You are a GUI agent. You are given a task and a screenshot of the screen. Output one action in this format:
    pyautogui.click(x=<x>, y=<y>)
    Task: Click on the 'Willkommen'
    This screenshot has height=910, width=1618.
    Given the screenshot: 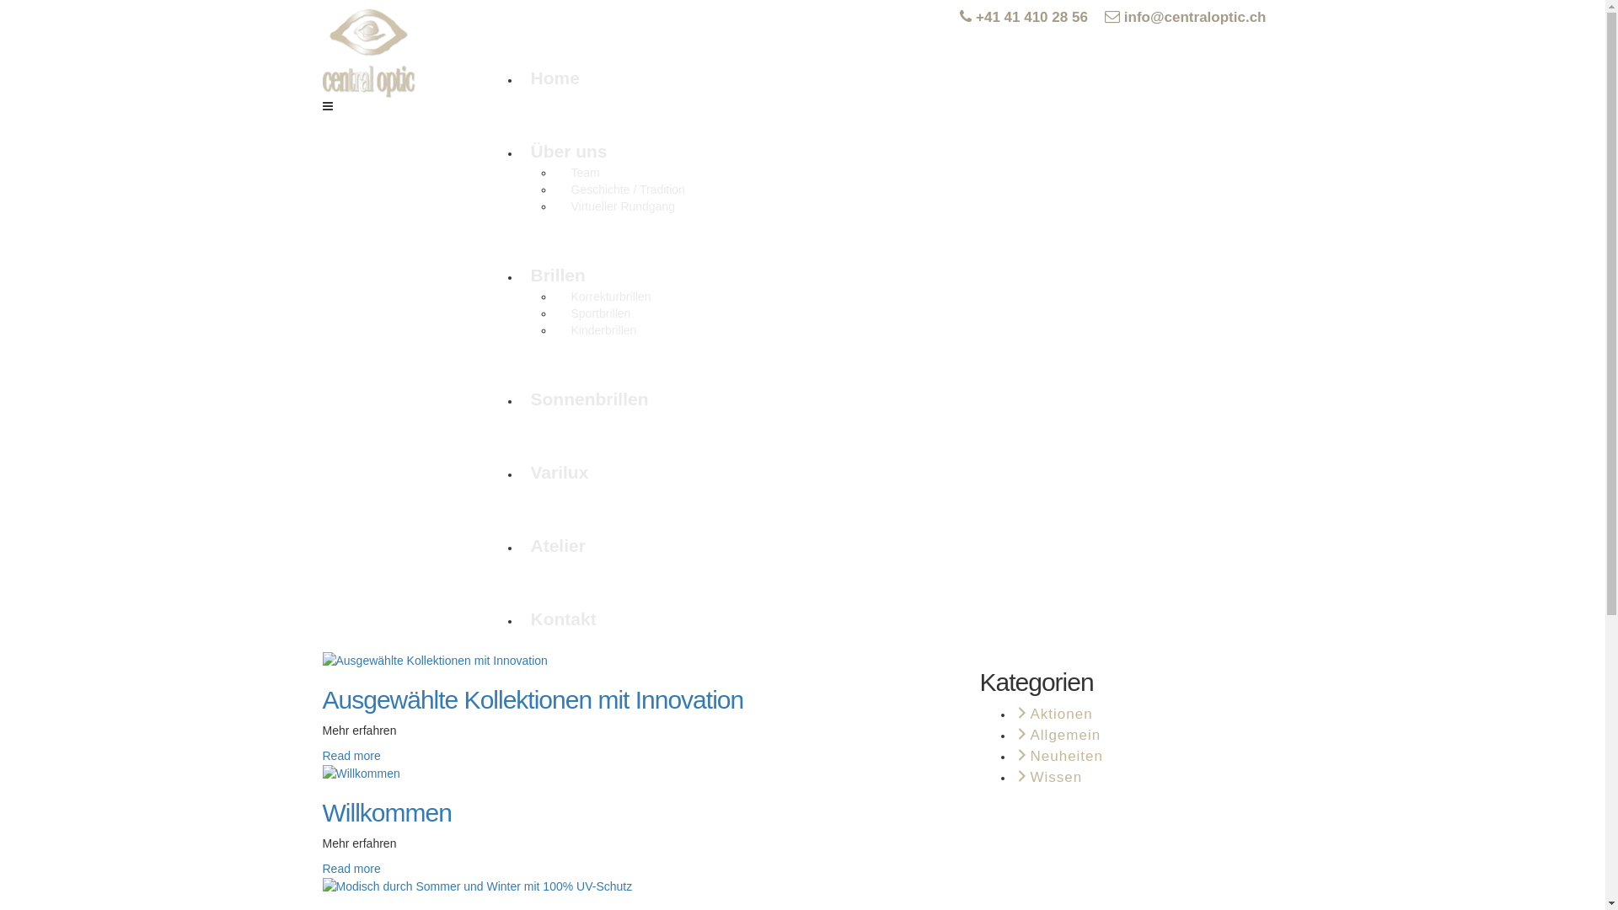 What is the action you would take?
    pyautogui.click(x=359, y=773)
    